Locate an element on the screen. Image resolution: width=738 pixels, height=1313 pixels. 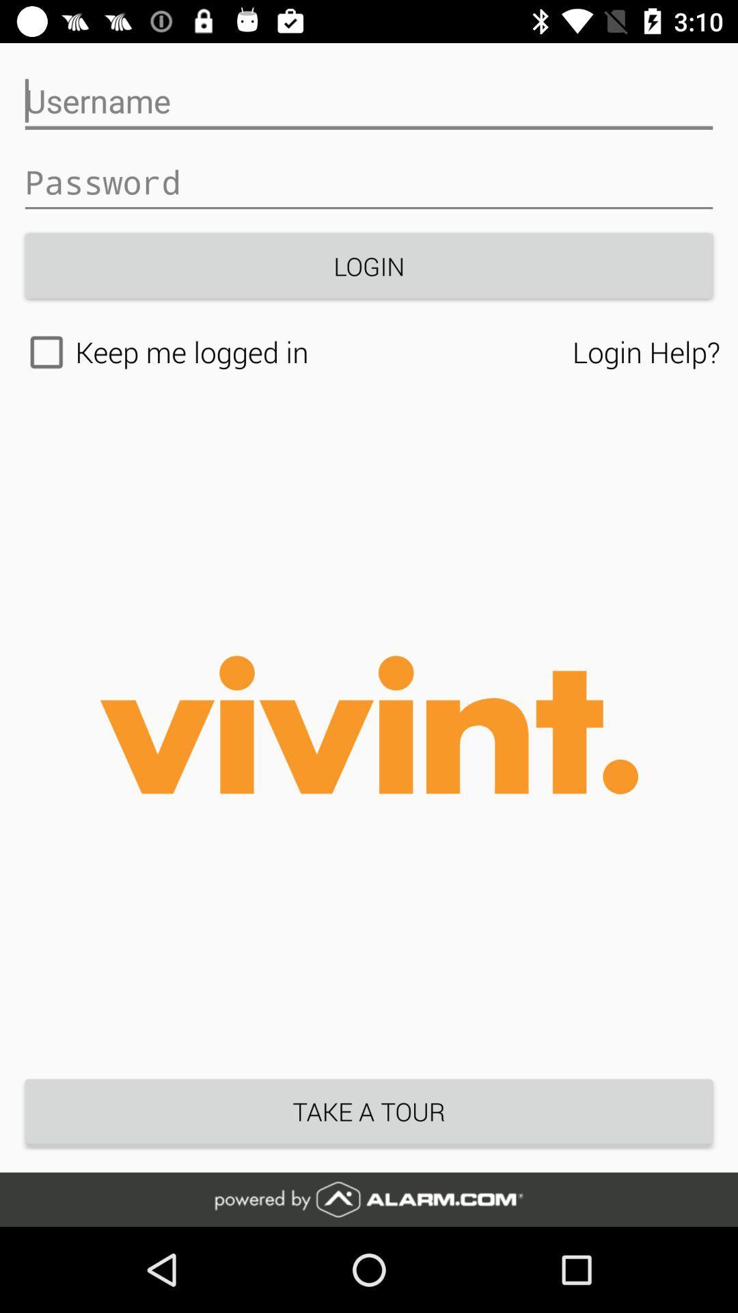
login help? icon is located at coordinates (646, 352).